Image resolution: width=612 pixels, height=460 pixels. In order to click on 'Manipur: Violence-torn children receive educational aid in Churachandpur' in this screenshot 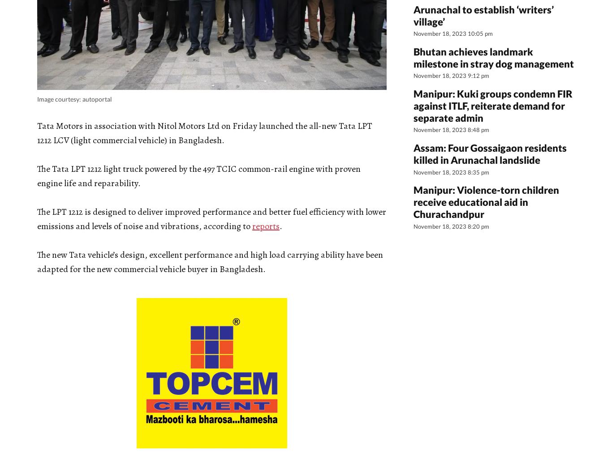, I will do `click(486, 201)`.